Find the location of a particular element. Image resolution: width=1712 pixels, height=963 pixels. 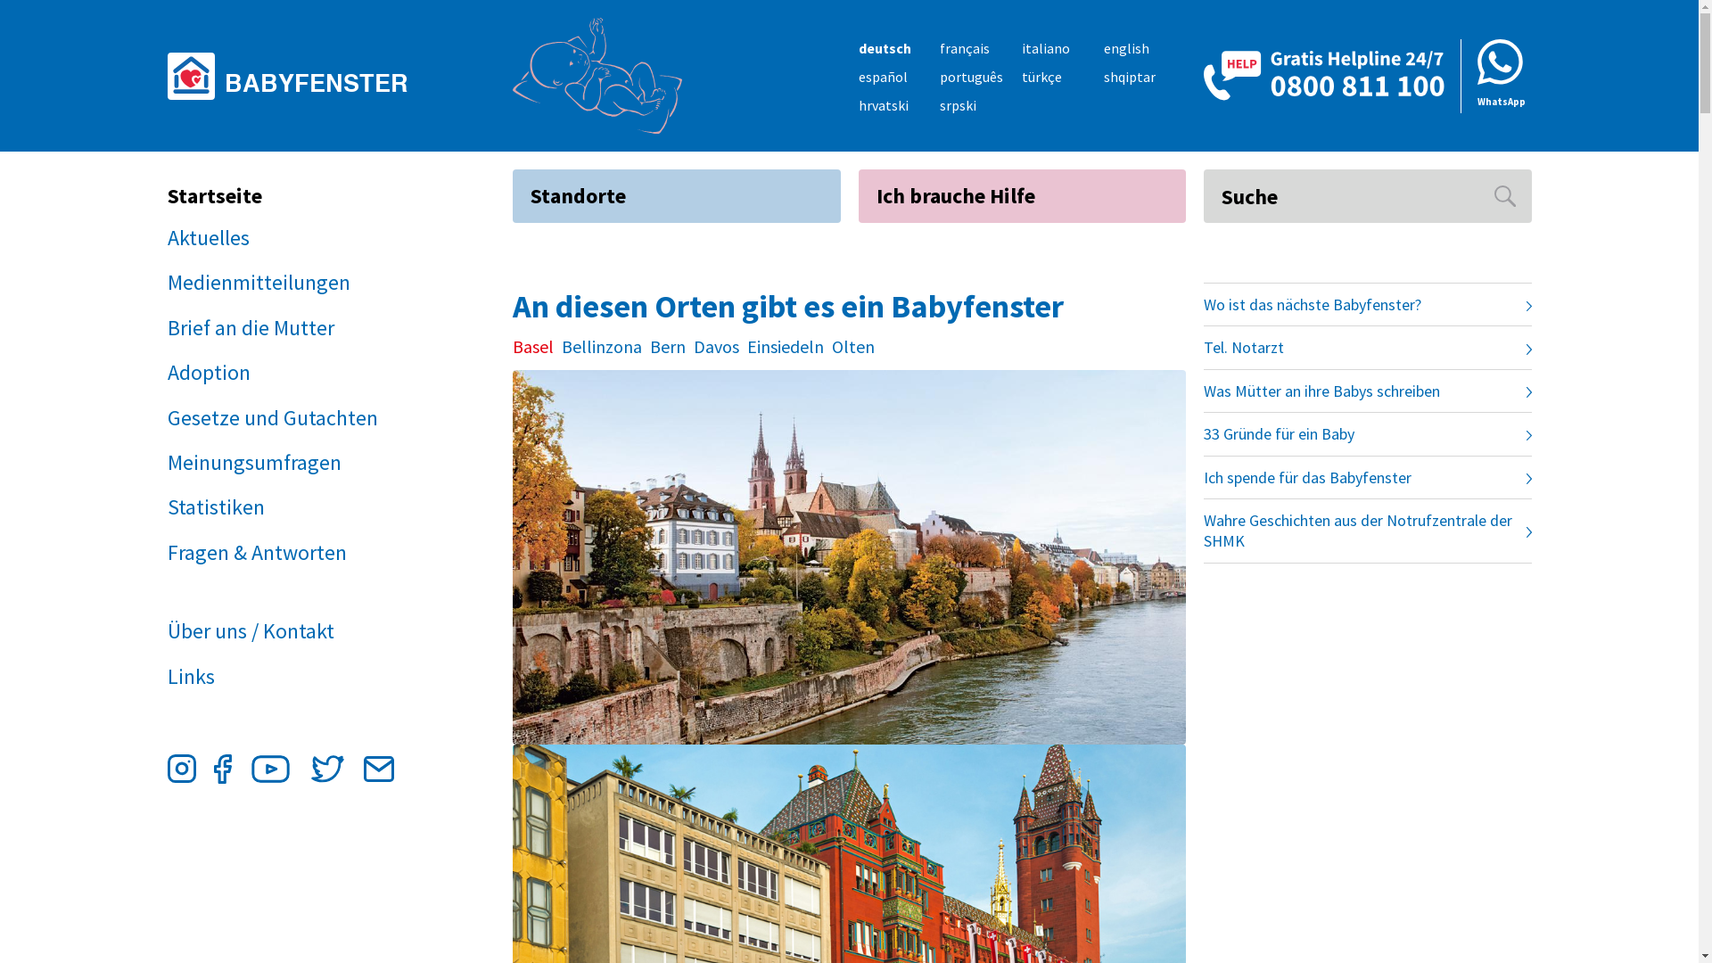

'Wahre Geschichten aus der Notrufzentrale der SHMK' is located at coordinates (1367, 530).